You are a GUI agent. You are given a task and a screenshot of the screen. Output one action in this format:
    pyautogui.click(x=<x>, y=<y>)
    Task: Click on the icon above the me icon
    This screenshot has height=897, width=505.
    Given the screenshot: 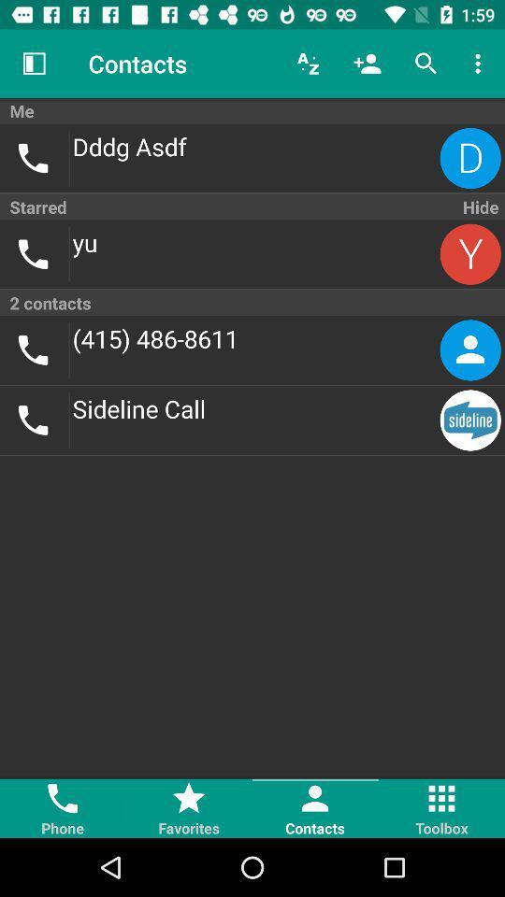 What is the action you would take?
    pyautogui.click(x=426, y=64)
    